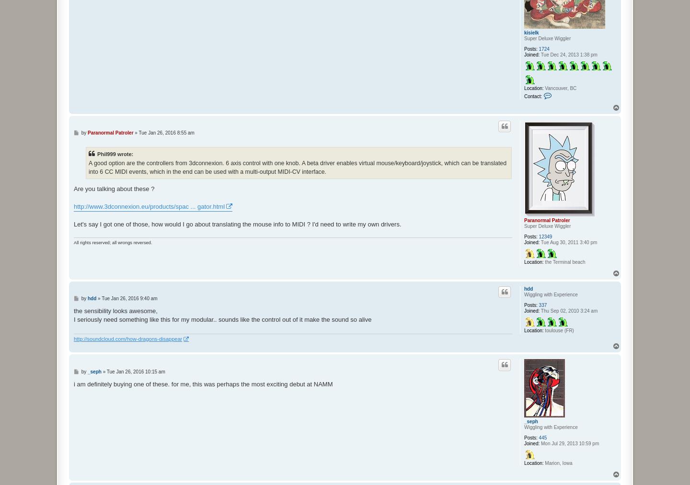 The width and height of the screenshot is (690, 485). I want to click on 'the Terminal beach', so click(564, 261).